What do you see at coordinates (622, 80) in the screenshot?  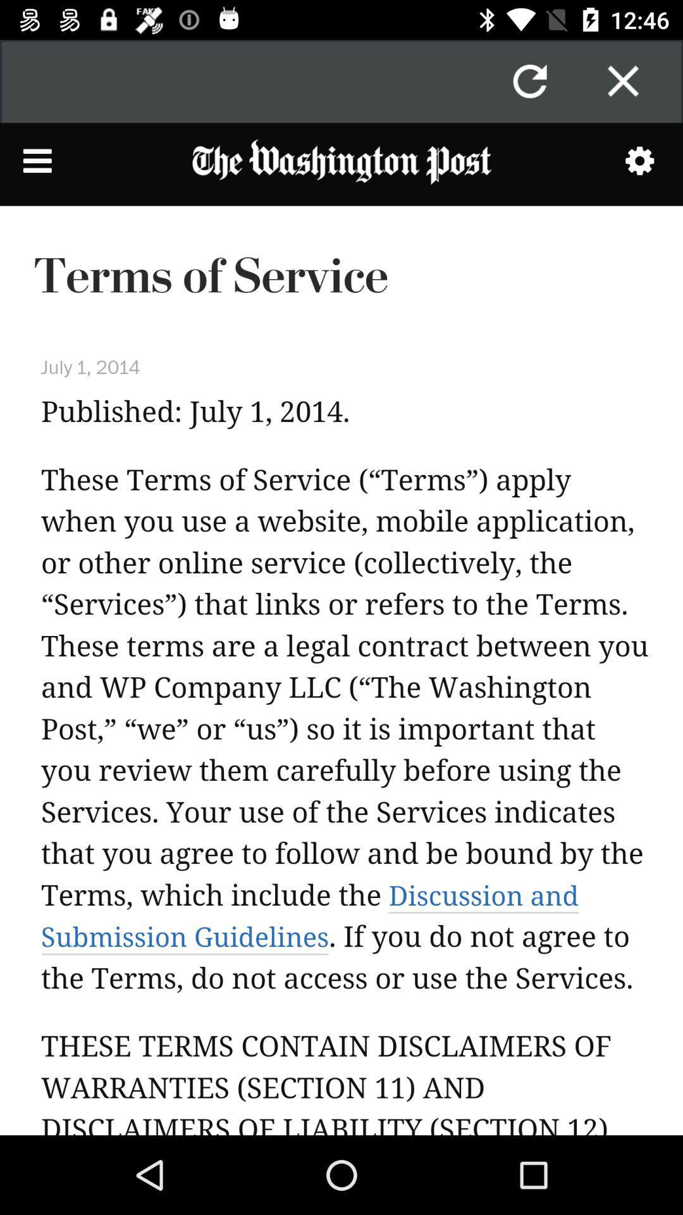 I see `option close` at bounding box center [622, 80].